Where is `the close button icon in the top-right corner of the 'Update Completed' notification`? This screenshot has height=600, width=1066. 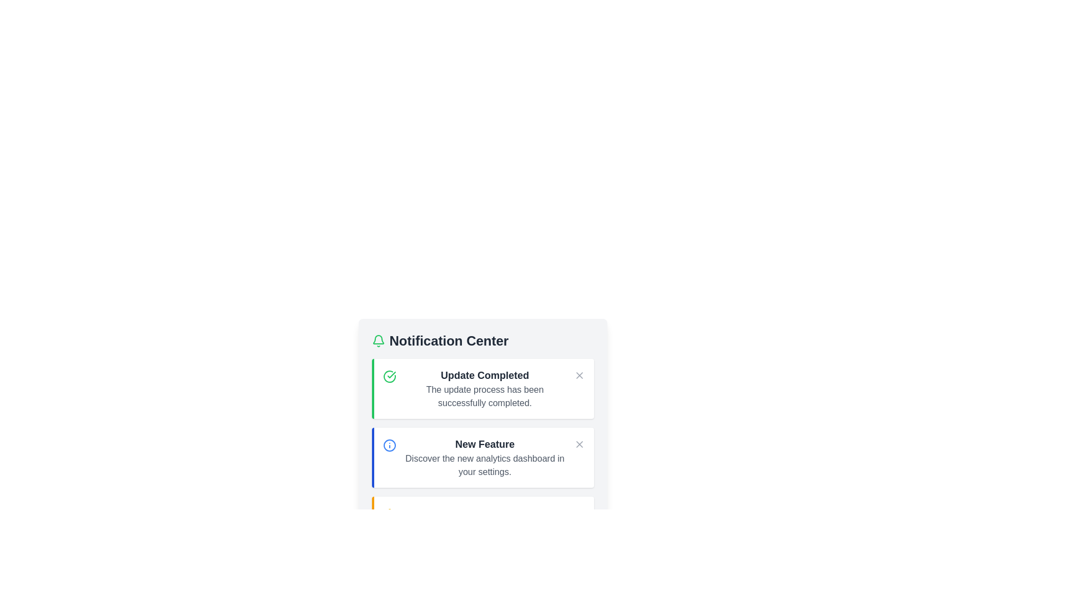
the close button icon in the top-right corner of the 'Update Completed' notification is located at coordinates (579, 375).